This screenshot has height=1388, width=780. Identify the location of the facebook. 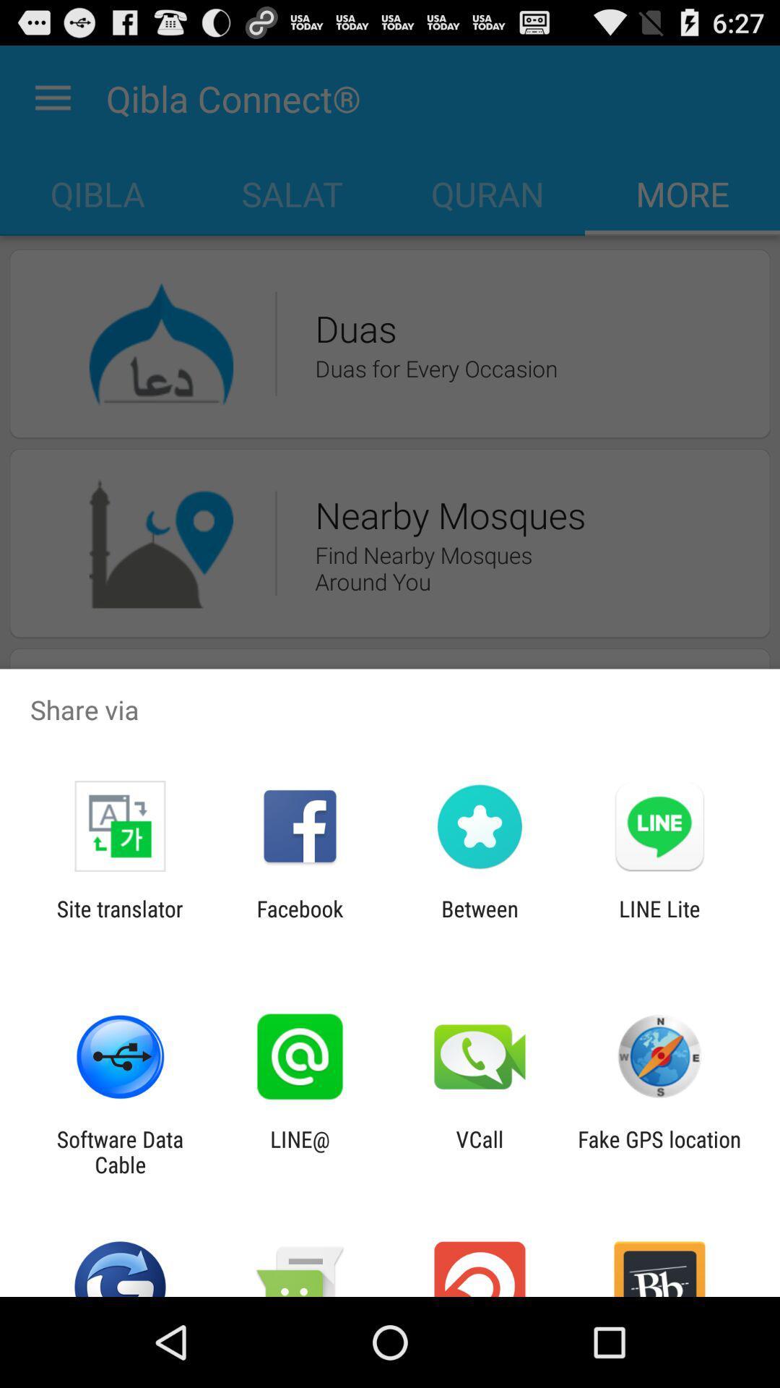
(299, 921).